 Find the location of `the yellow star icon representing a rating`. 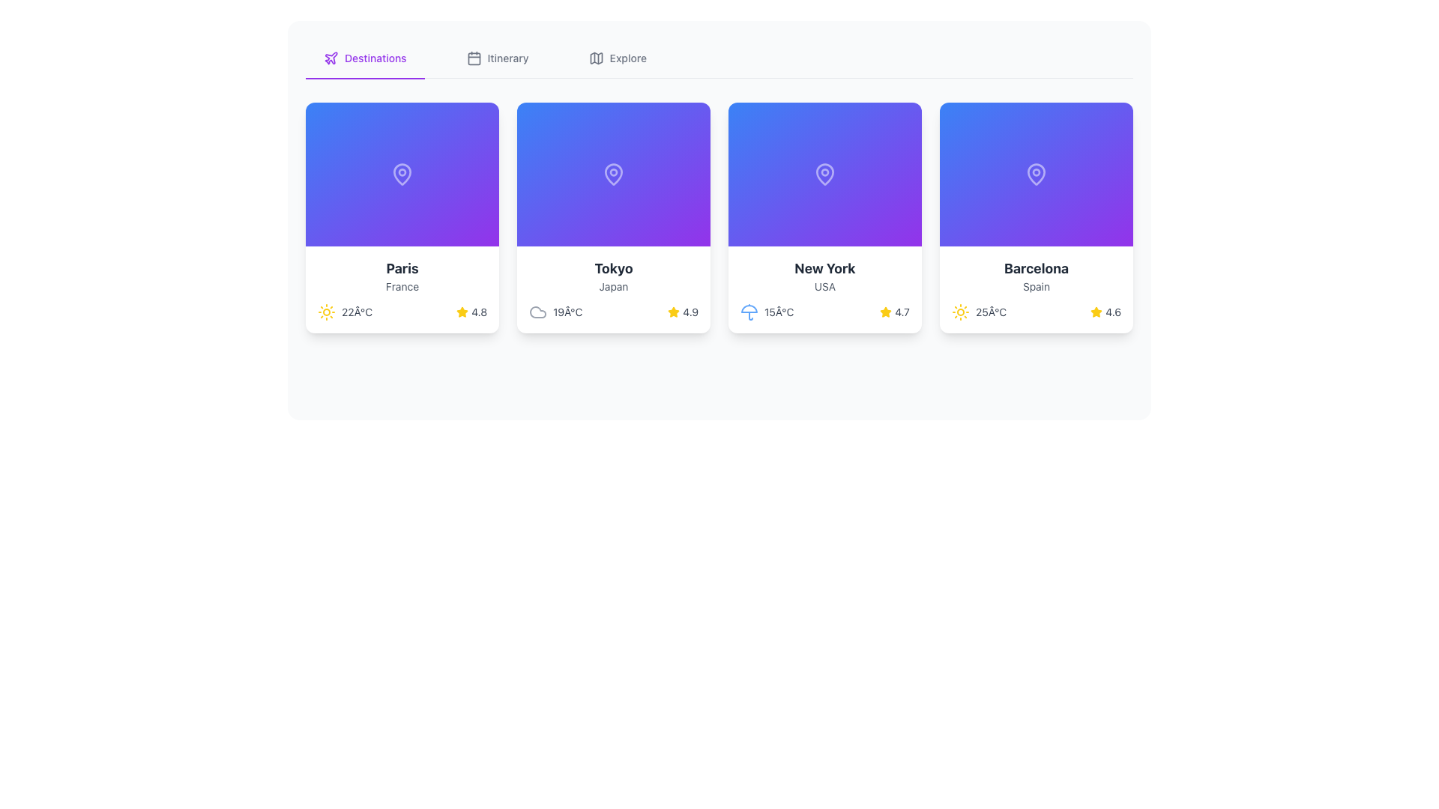

the yellow star icon representing a rating is located at coordinates (886, 311).